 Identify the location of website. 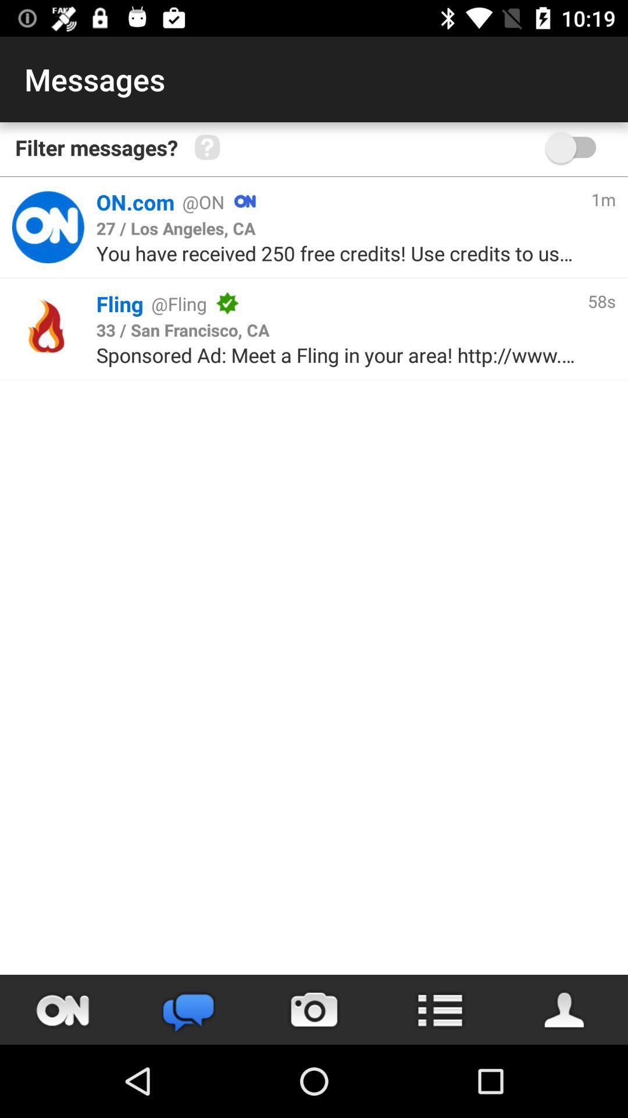
(47, 227).